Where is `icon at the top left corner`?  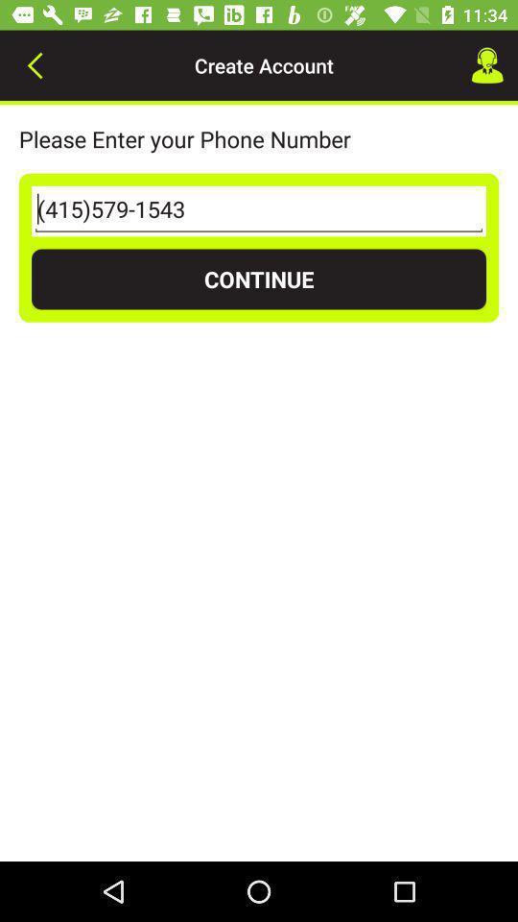
icon at the top left corner is located at coordinates (35, 65).